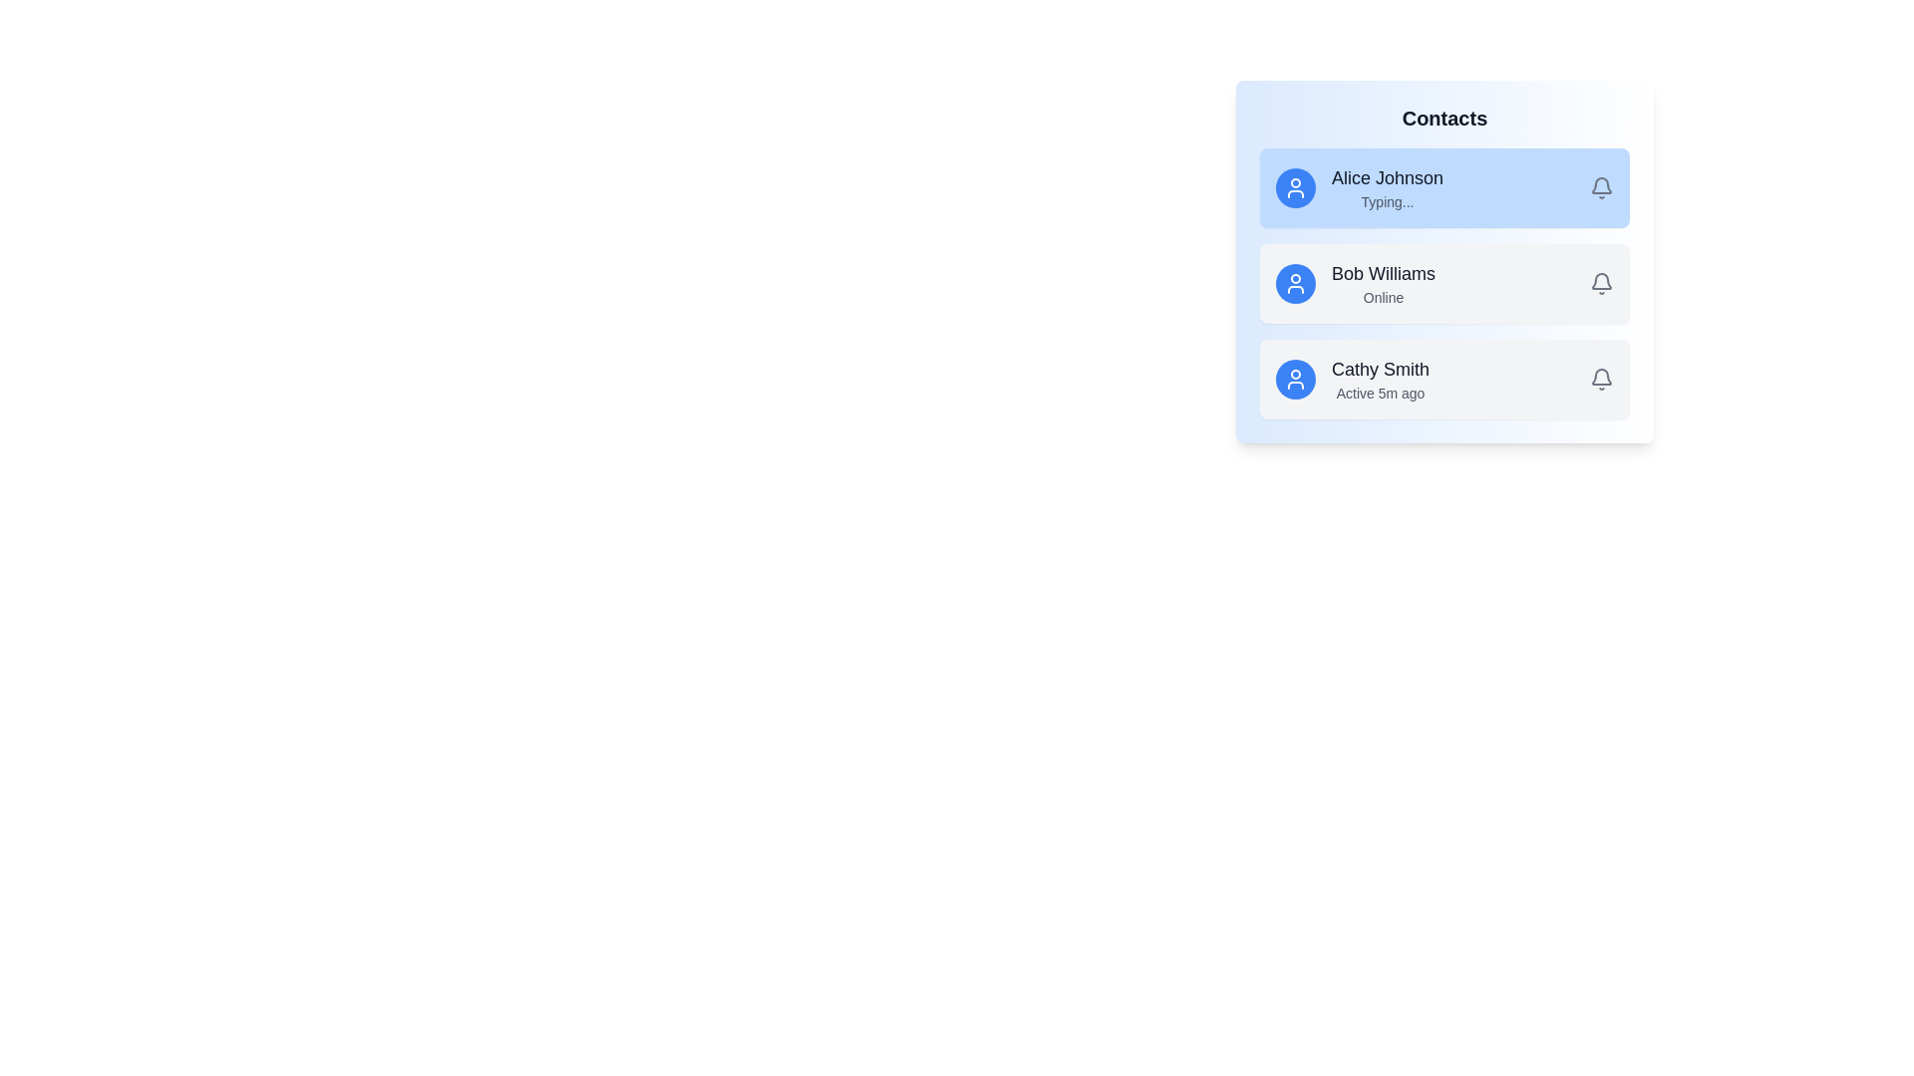  I want to click on and drag, so click(1387, 176).